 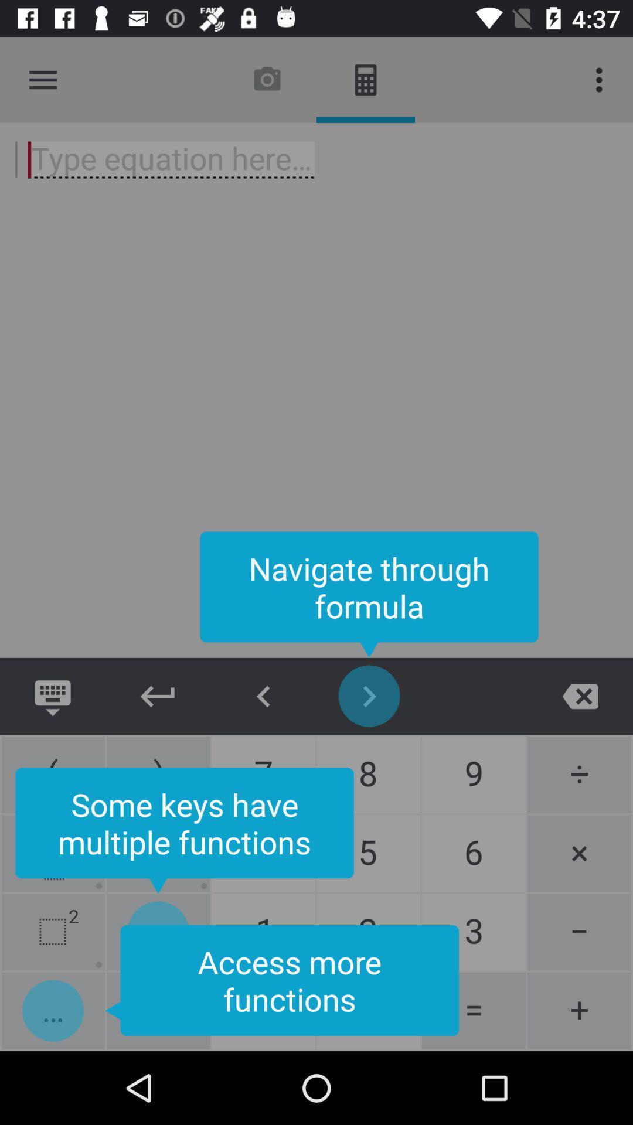 I want to click on enter icon, so click(x=158, y=696).